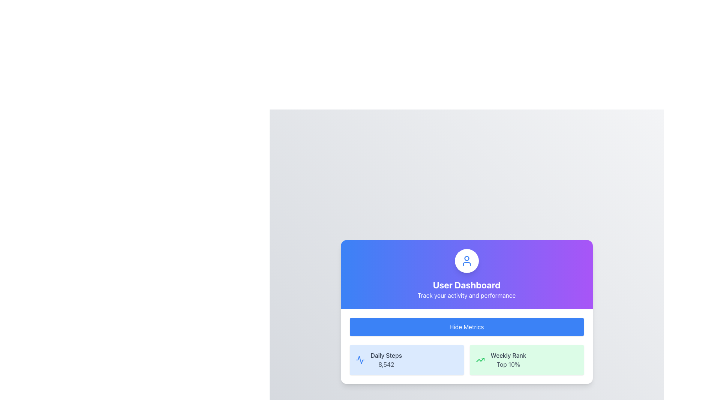 This screenshot has height=405, width=720. I want to click on the SVG circle element that represents the head of the user icon located at the top-center of the main card component, so click(466, 258).